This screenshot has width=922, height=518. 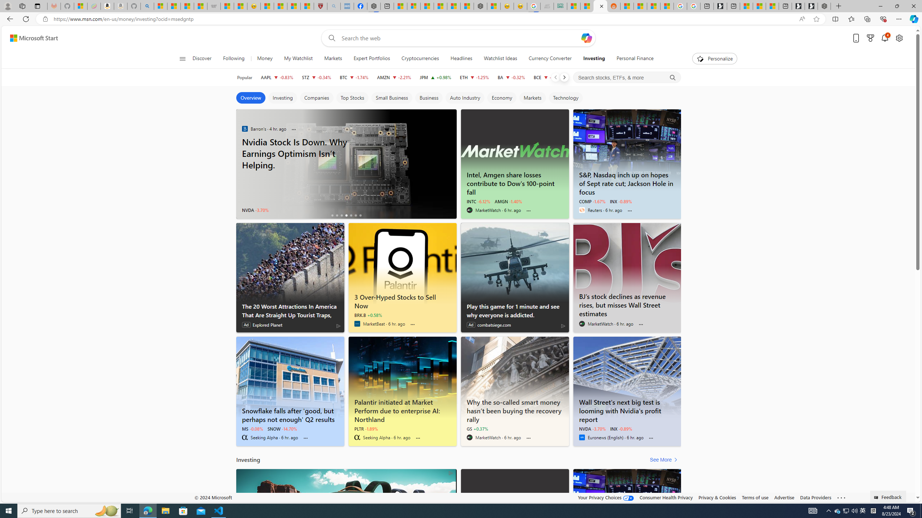 What do you see at coordinates (37, 6) in the screenshot?
I see `'Tab actions menu'` at bounding box center [37, 6].